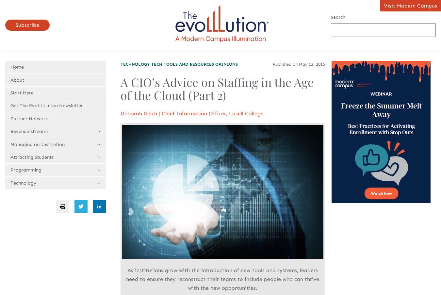 Image resolution: width=441 pixels, height=295 pixels. I want to click on 'A CIO’s Advice on Staffing in the Age of the Cloud (Part 2)', so click(217, 88).